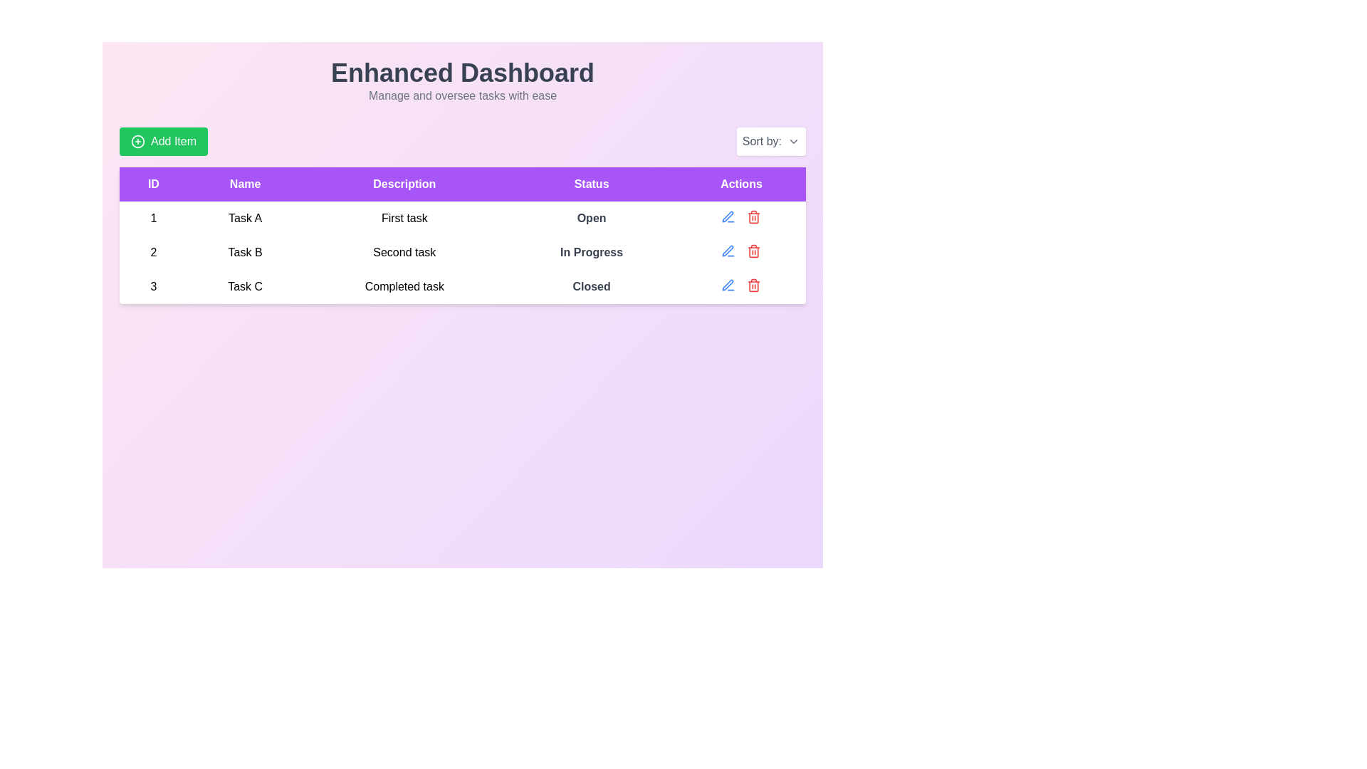  What do you see at coordinates (154, 286) in the screenshot?
I see `the Table Cell in the first column of the third row, which serves as an identifier for the associated task` at bounding box center [154, 286].